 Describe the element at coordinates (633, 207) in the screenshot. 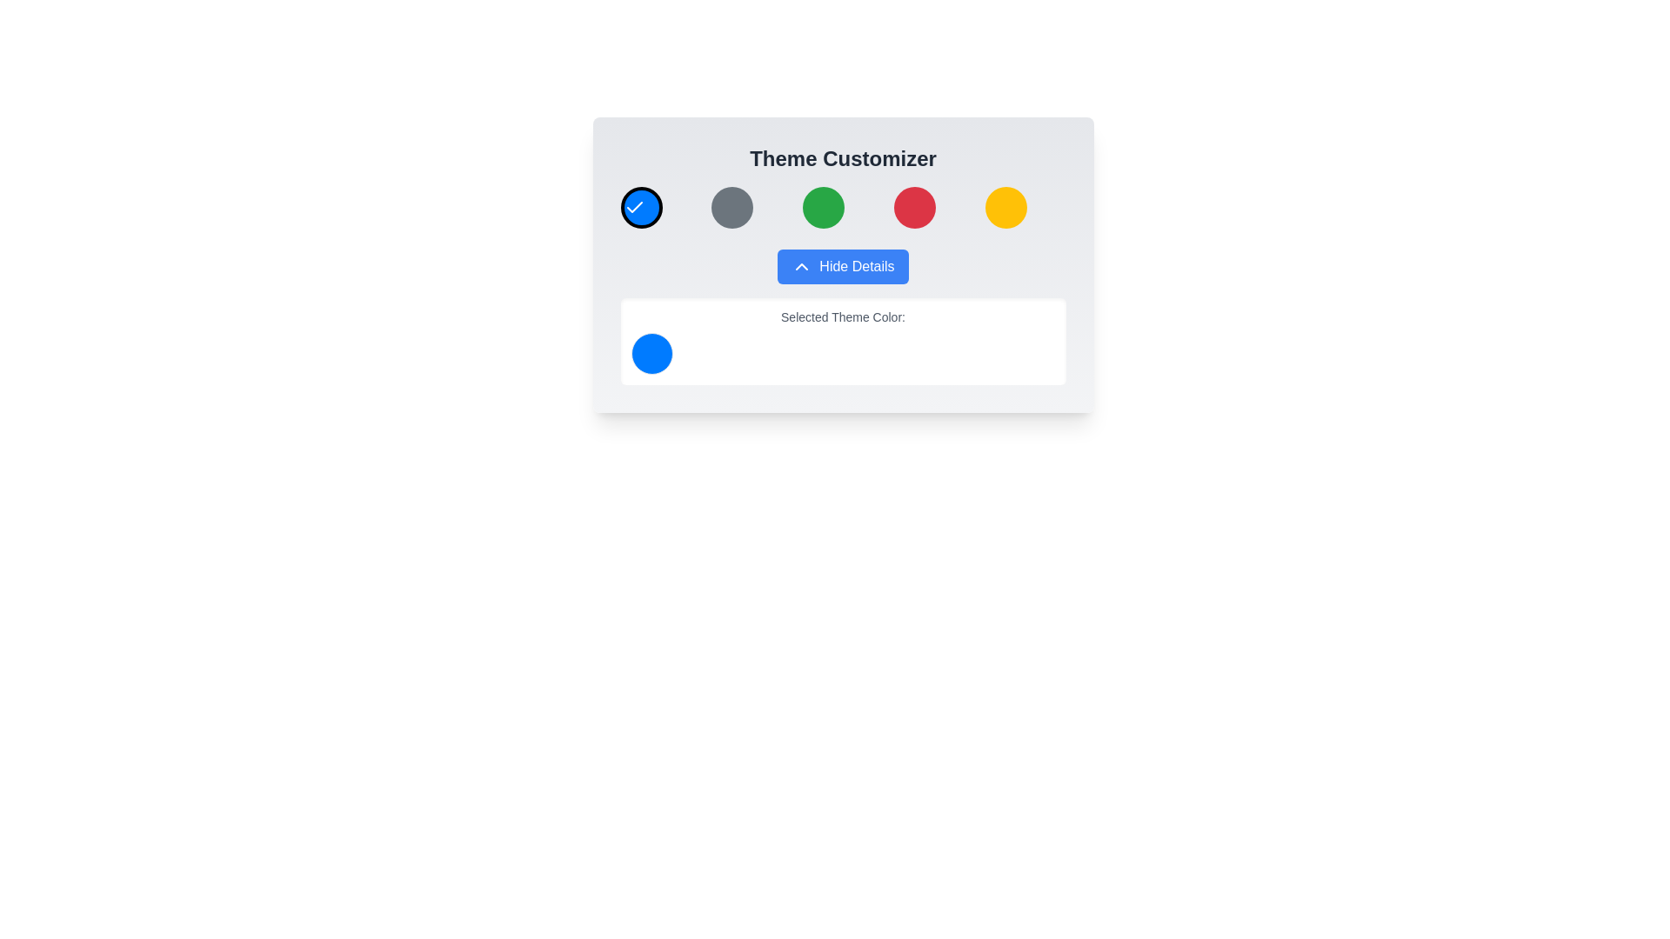

I see `the selected checkmark icon within the circular blue background button located in the theme customization section` at that location.